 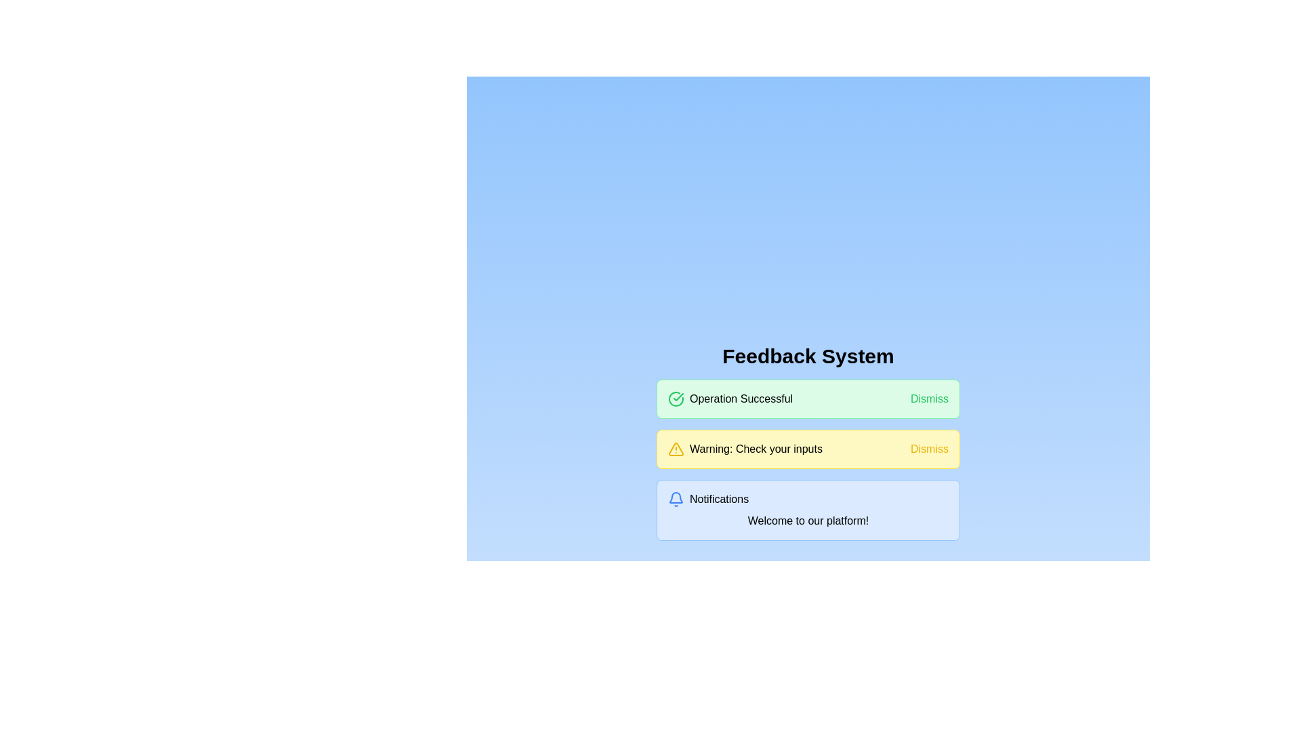 What do you see at coordinates (808, 520) in the screenshot?
I see `the Text Label displaying 'Welcome to our platform!' which is styled inside a blue, rounded rectangle located towards the lower section of the interface` at bounding box center [808, 520].